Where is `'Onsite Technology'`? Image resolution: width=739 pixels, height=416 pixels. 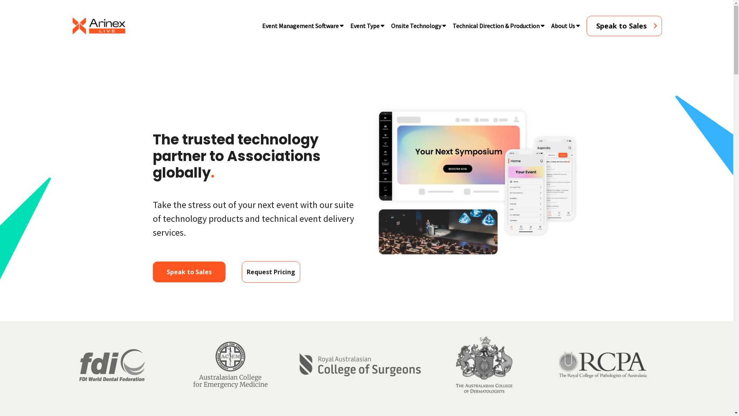
'Onsite Technology' is located at coordinates (415, 25).